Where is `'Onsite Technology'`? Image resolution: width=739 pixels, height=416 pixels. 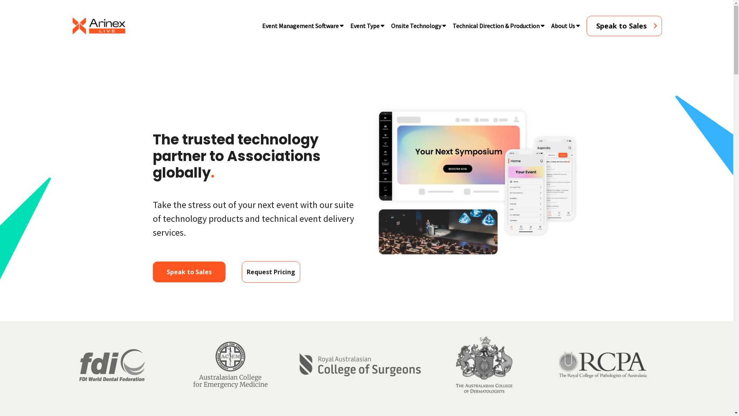
'Onsite Technology' is located at coordinates (415, 25).